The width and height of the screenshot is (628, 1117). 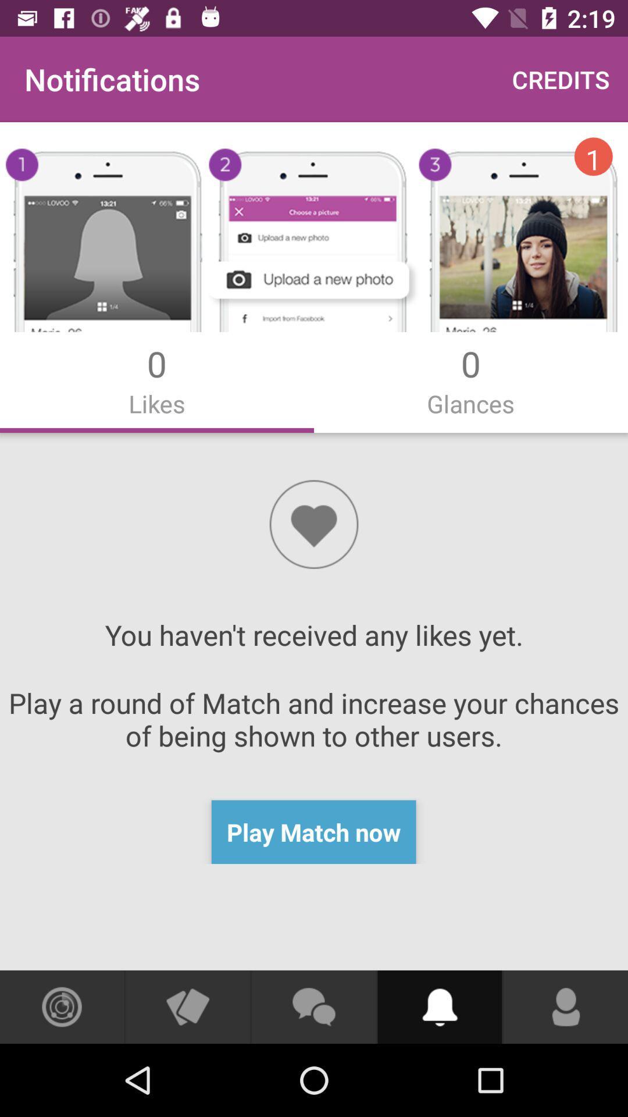 I want to click on contacts, so click(x=565, y=1006).